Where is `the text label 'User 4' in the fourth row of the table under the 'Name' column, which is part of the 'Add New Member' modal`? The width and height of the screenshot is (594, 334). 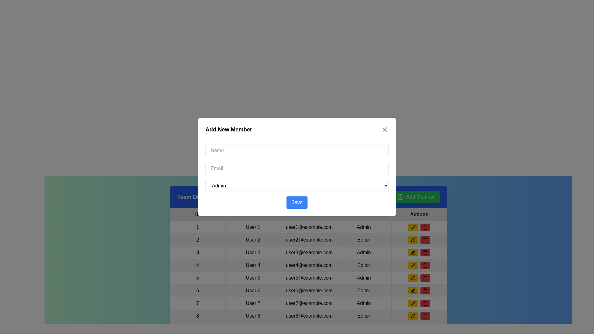
the text label 'User 4' in the fourth row of the table under the 'Name' column, which is part of the 'Add New Member' modal is located at coordinates (253, 265).